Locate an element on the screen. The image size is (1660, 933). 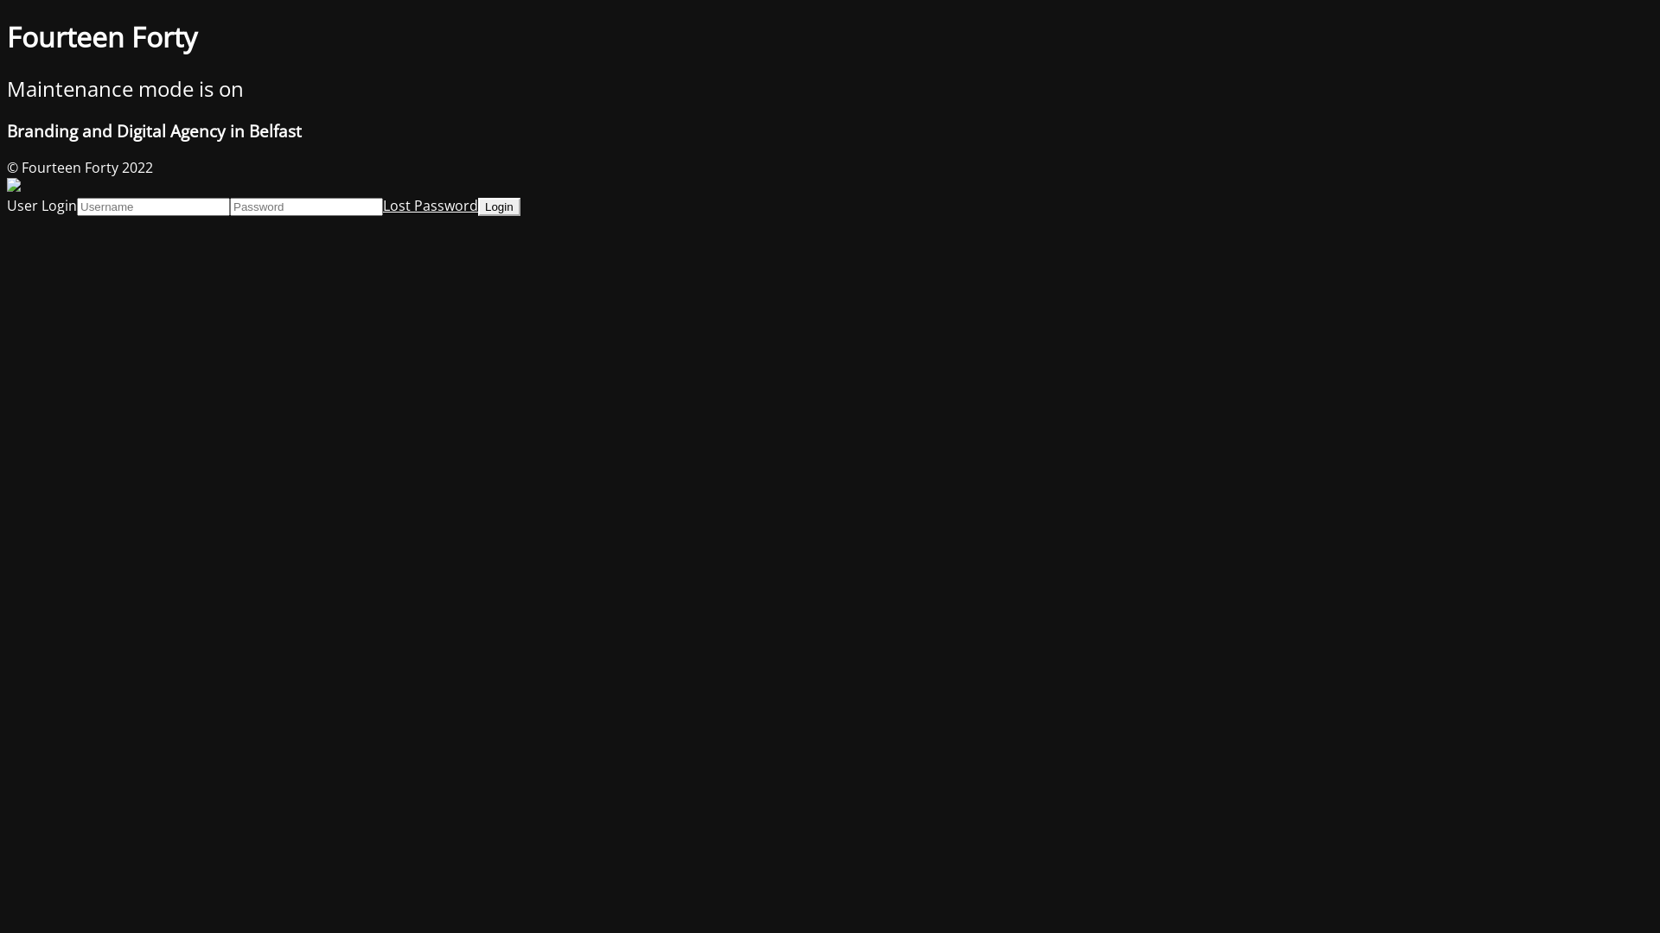
'Lost Password' is located at coordinates (431, 203).